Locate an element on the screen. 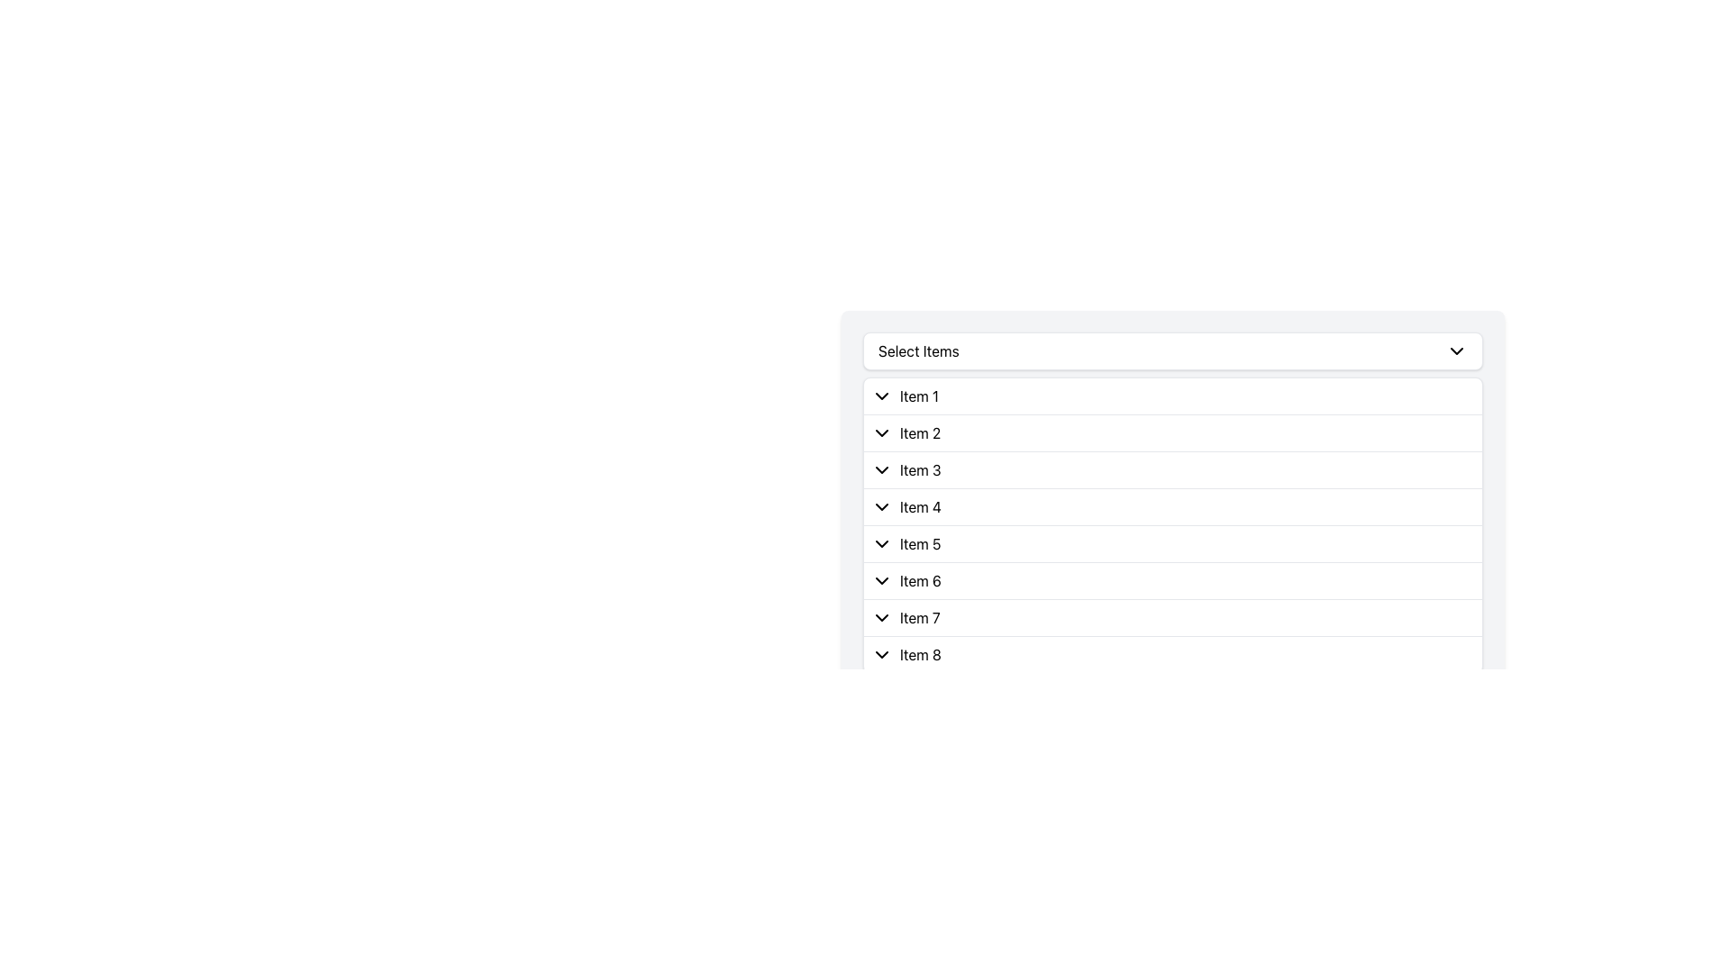 The width and height of the screenshot is (1730, 973). the downward-facing chevron arrow icon within the 'Select Items' section is located at coordinates (1457, 350).